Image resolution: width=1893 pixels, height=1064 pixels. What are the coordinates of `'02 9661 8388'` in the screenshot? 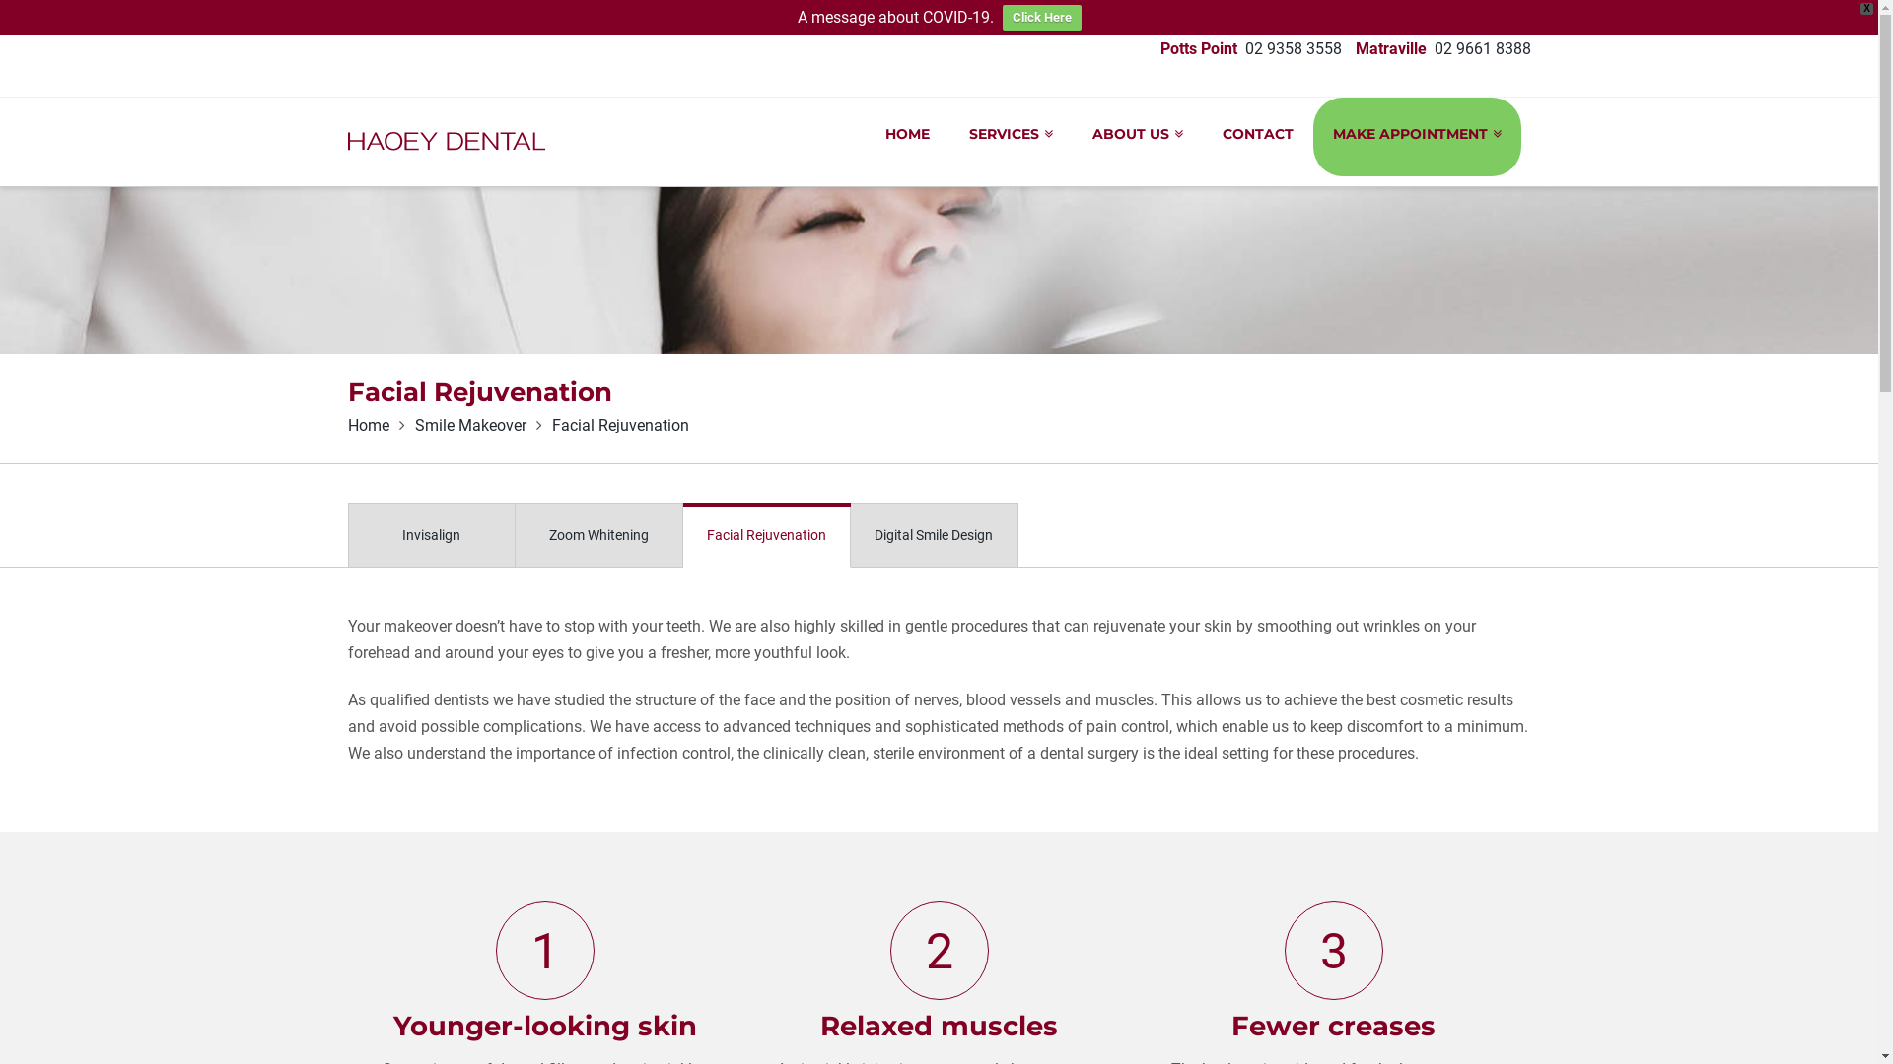 It's located at (1481, 47).